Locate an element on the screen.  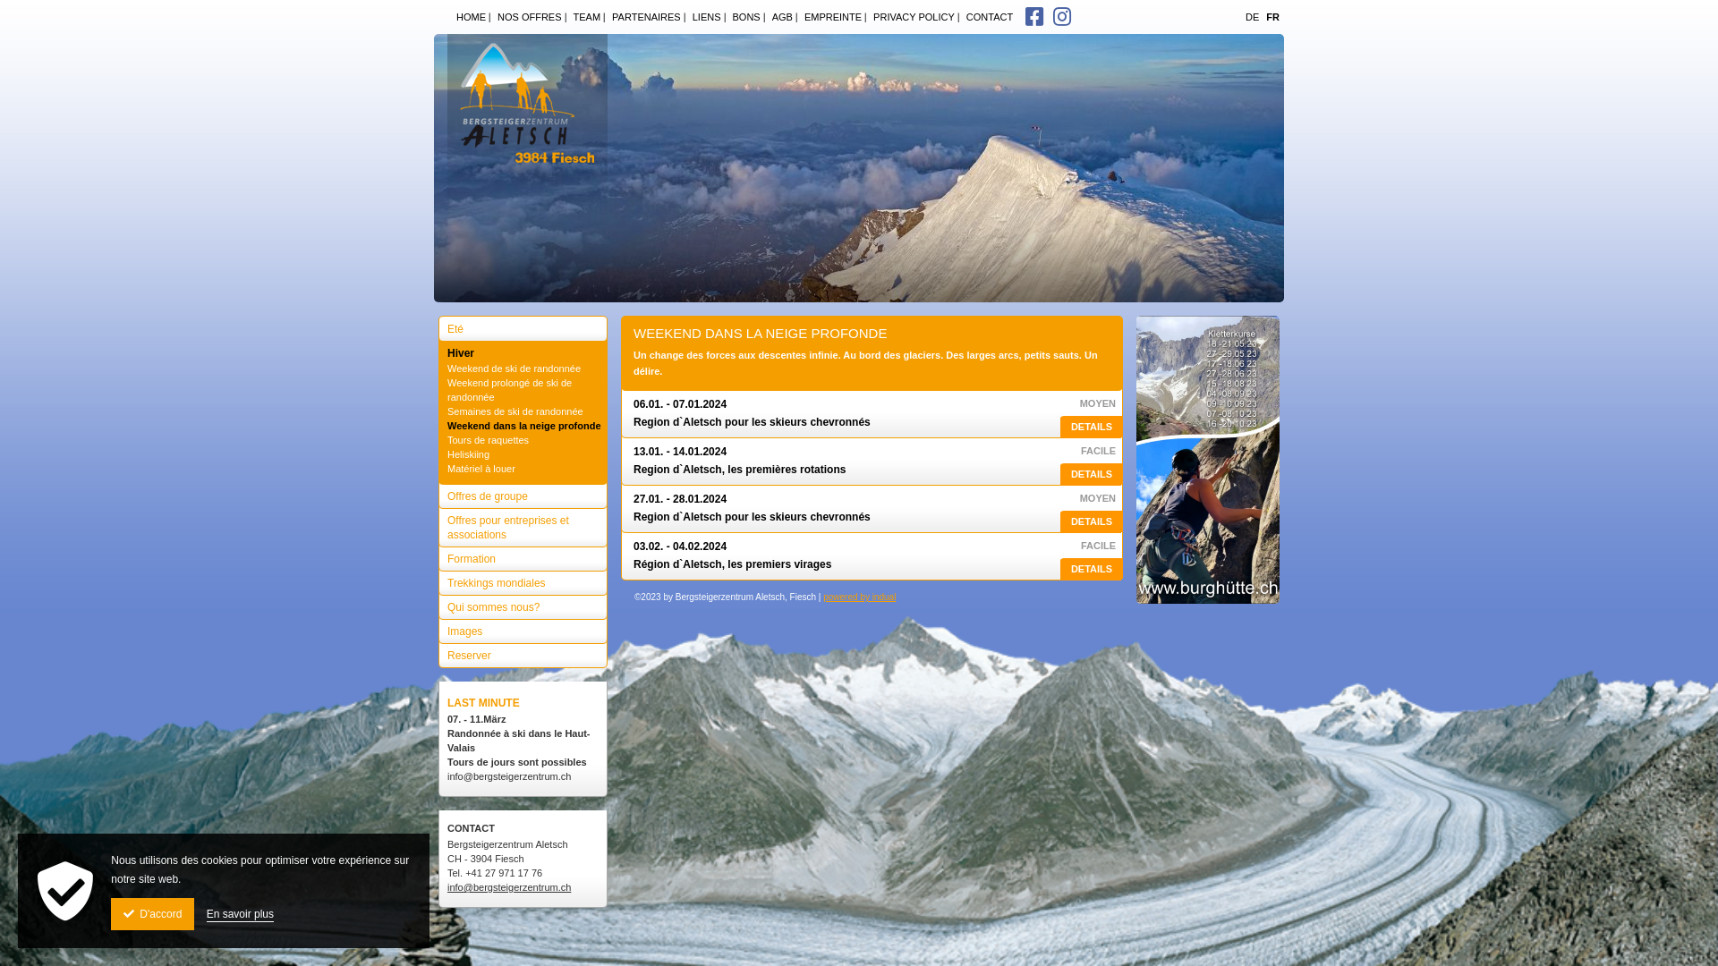
'DETAILS' is located at coordinates (1090, 521).